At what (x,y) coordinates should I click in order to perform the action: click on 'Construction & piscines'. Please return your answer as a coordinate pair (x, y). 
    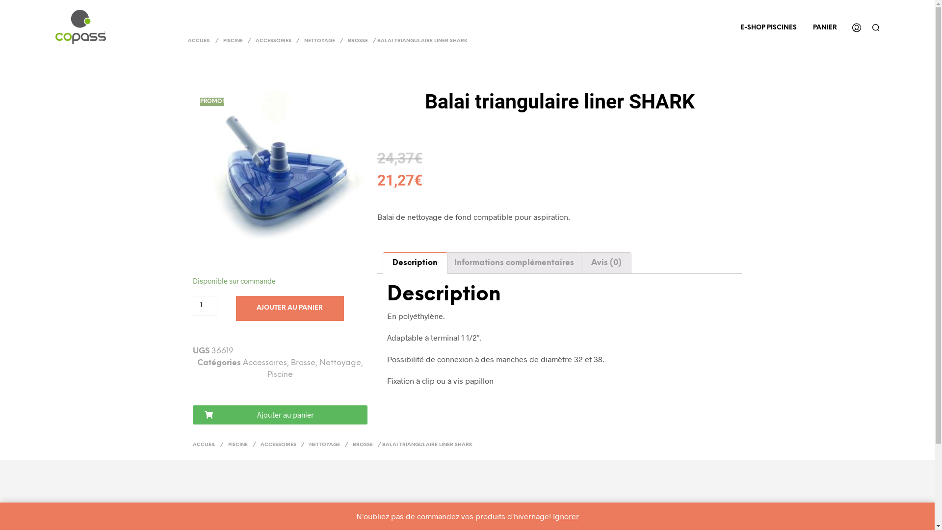
    Looking at the image, I should click on (80, 26).